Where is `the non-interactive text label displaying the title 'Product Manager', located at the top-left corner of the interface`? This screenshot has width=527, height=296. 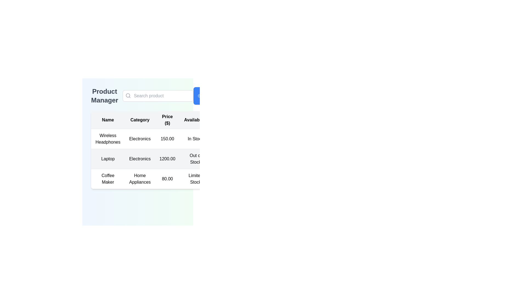 the non-interactive text label displaying the title 'Product Manager', located at the top-left corner of the interface is located at coordinates (105, 96).